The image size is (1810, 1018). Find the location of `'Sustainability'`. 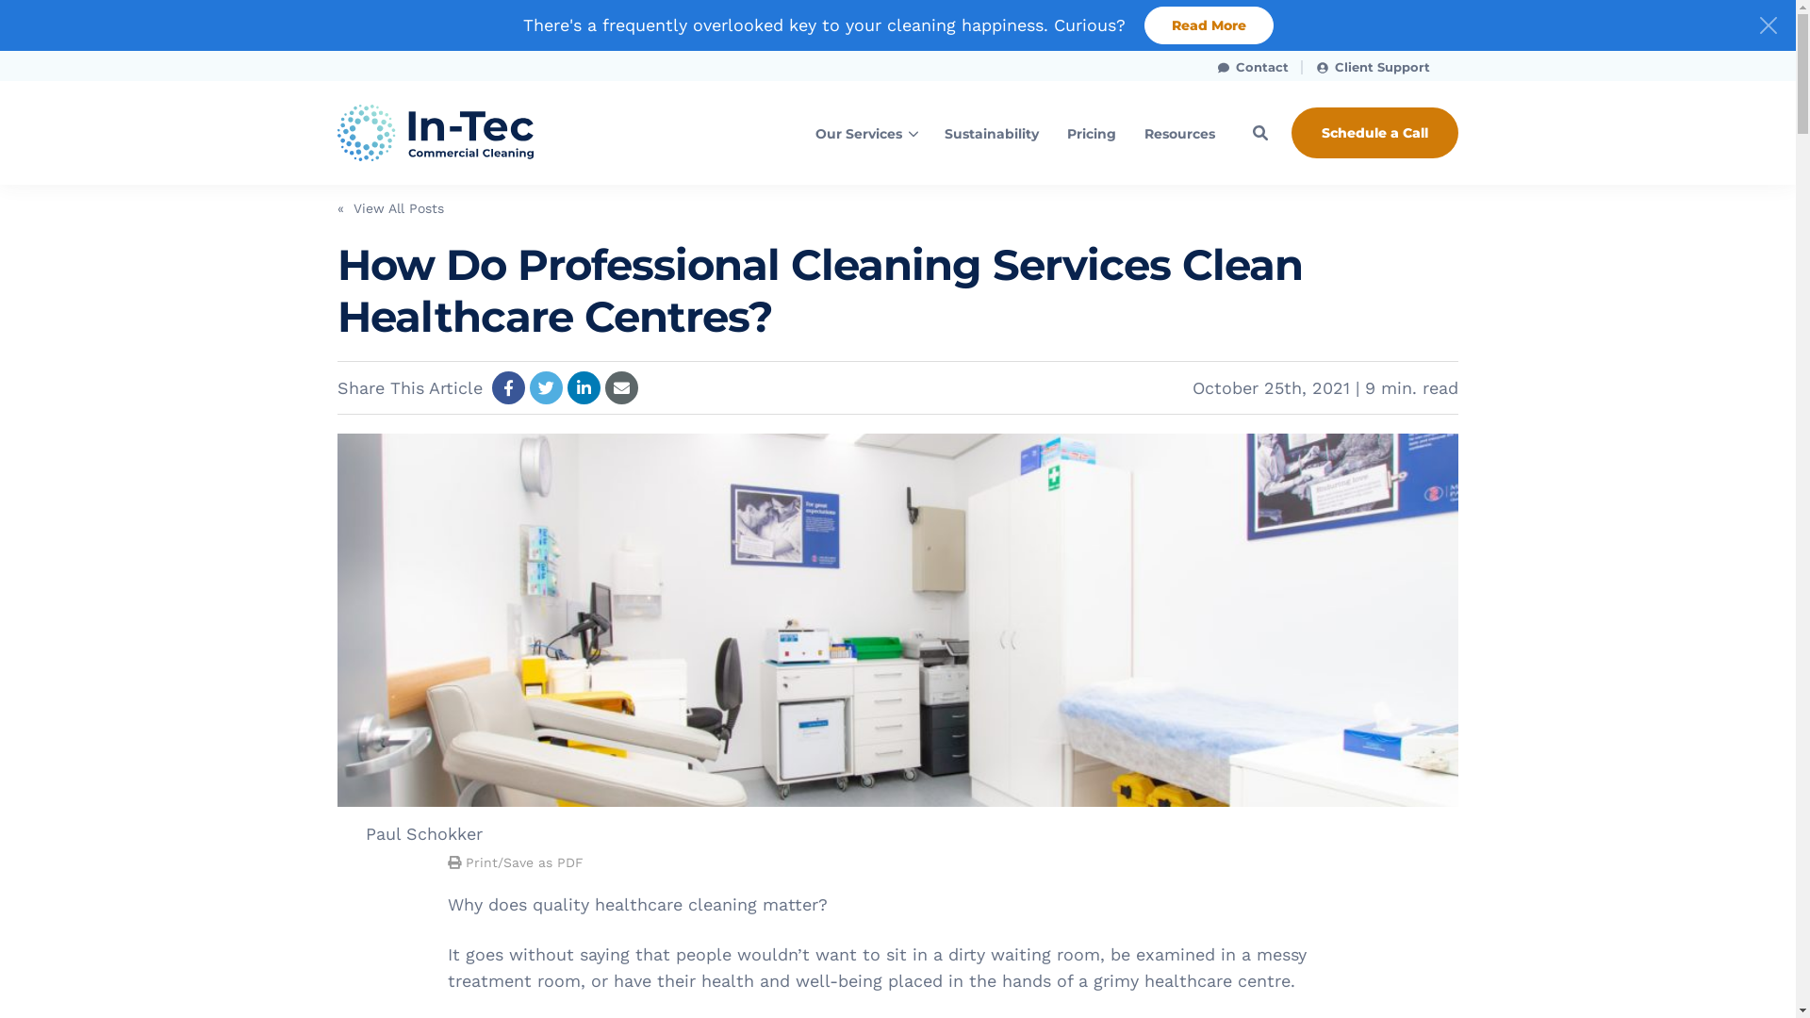

'Sustainability' is located at coordinates (990, 132).